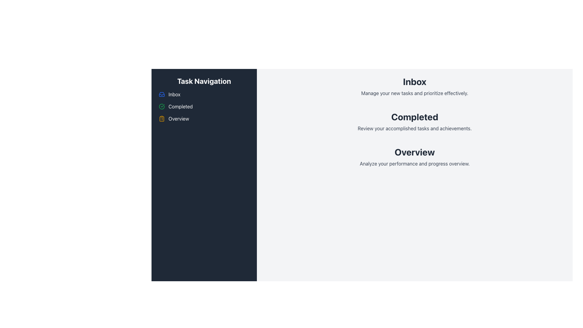 This screenshot has width=583, height=328. I want to click on the 'Completed' icon located in the left navigation panel, which is the second item in the list preceding the text label 'Completed', so click(162, 106).